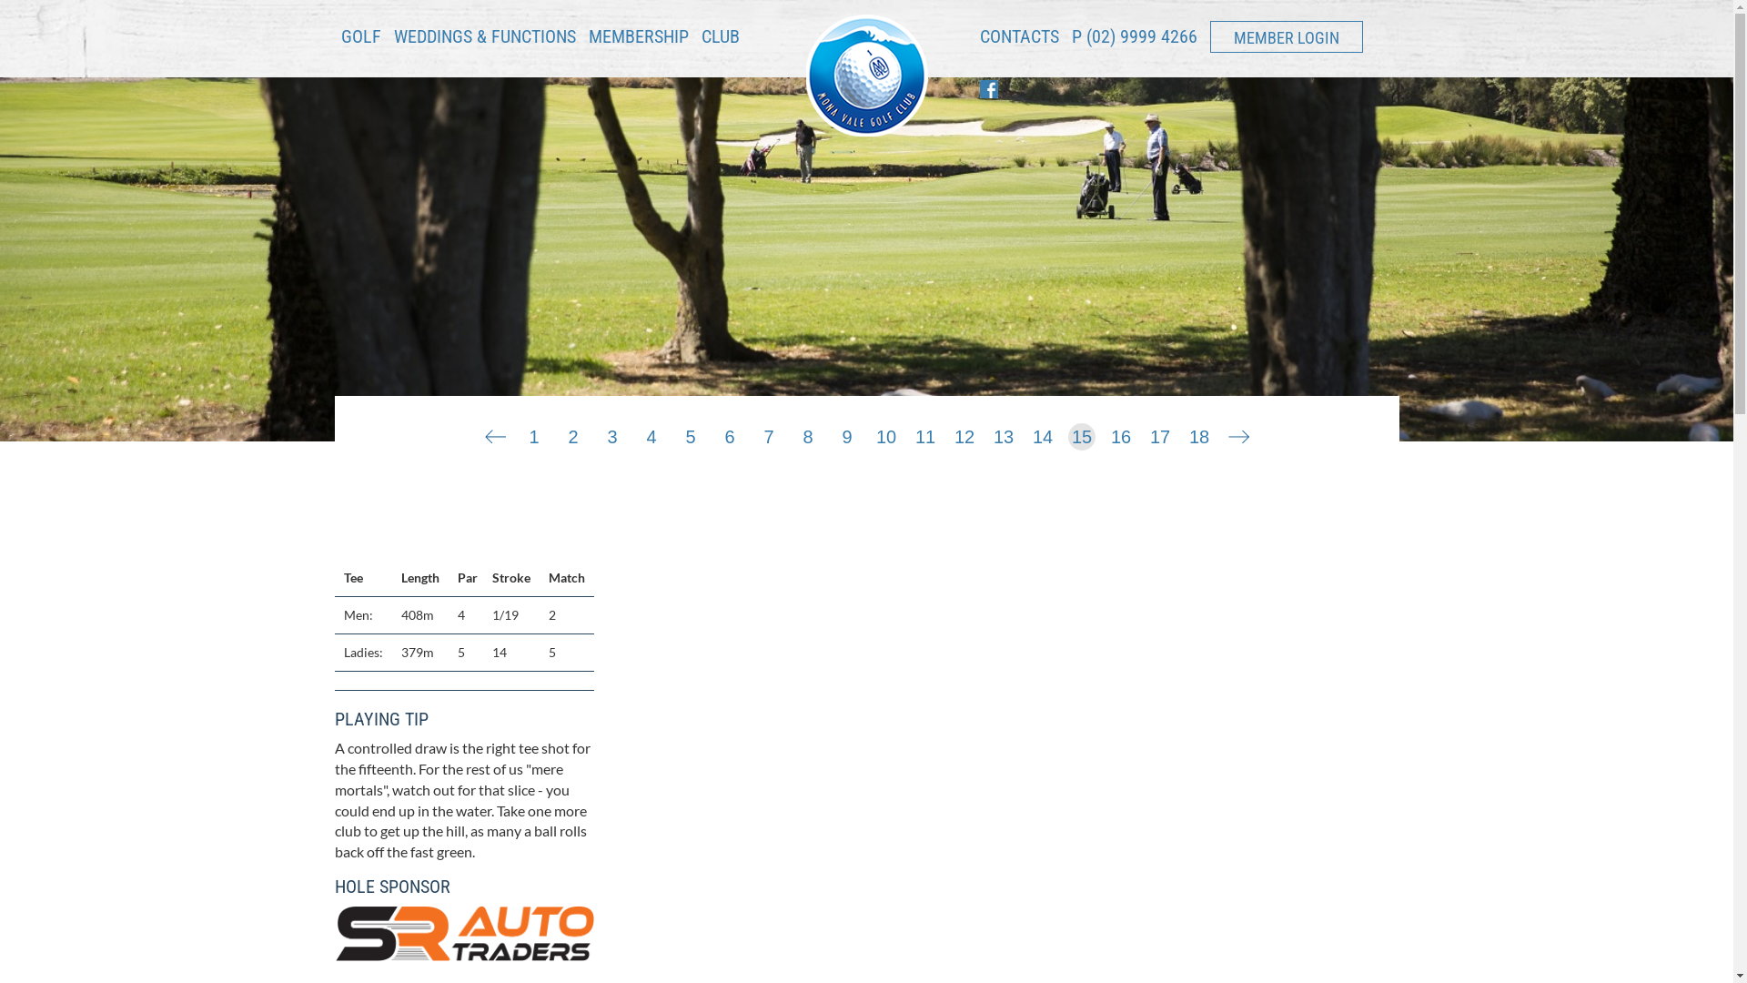 The height and width of the screenshot is (983, 1747). I want to click on '7', so click(768, 432).